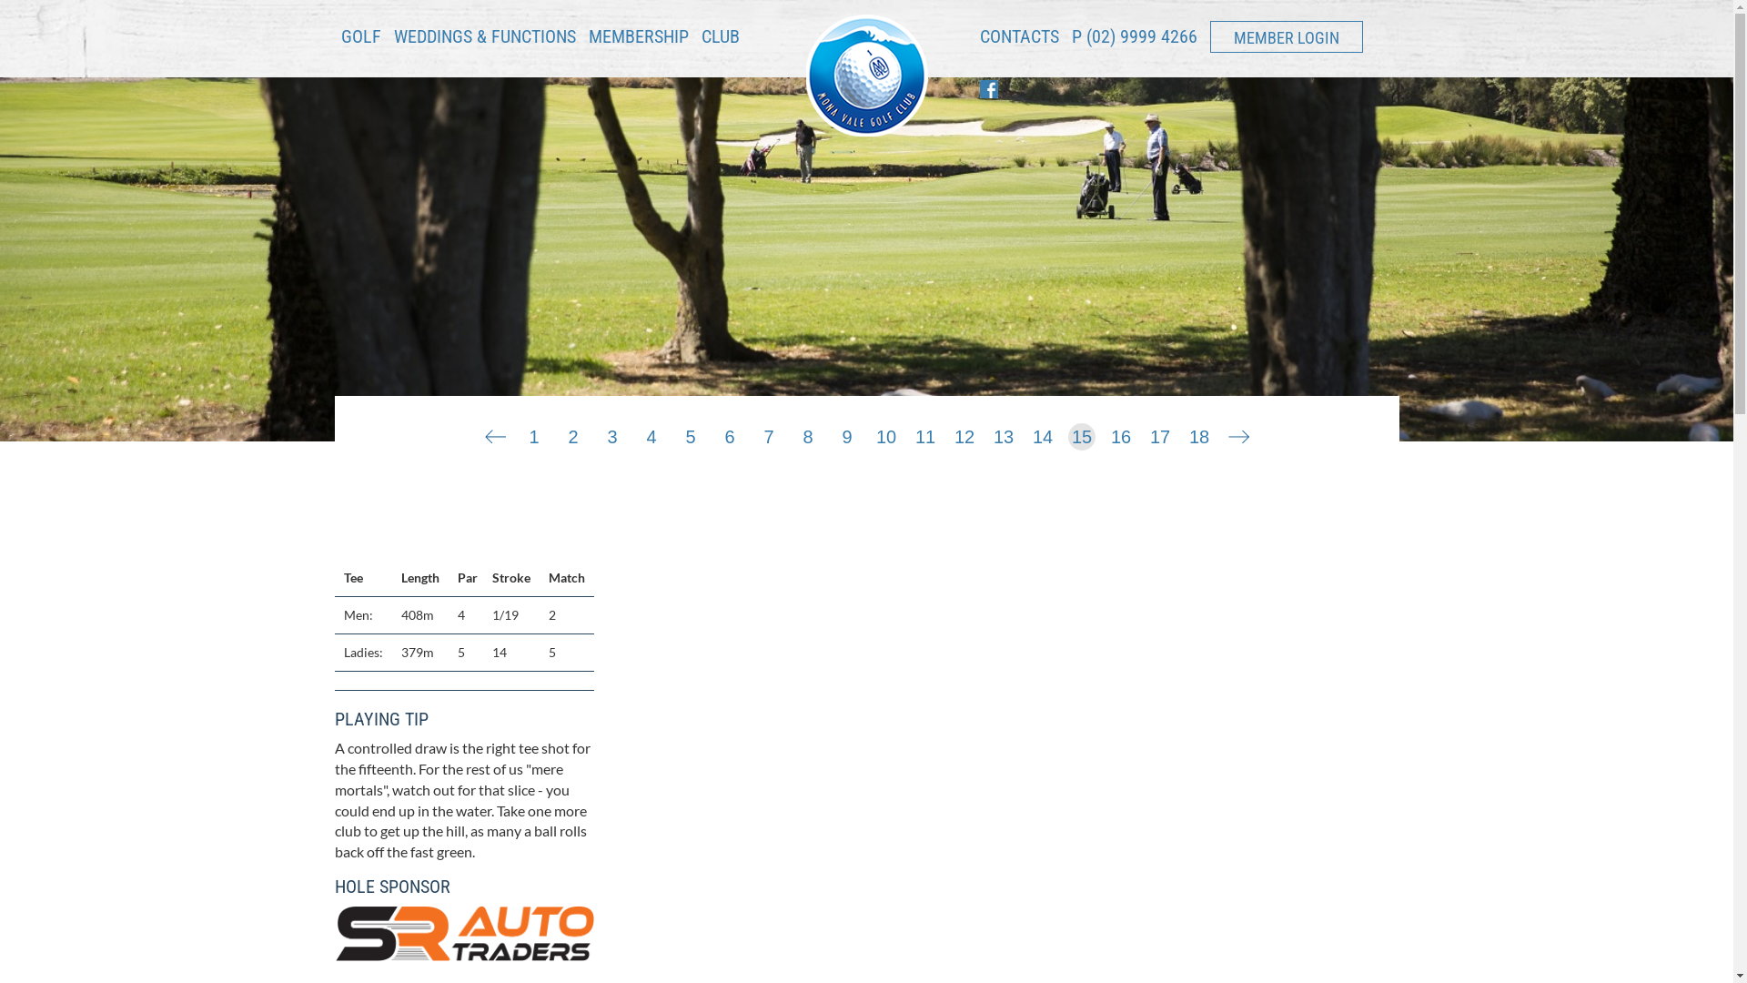 The height and width of the screenshot is (983, 1747). I want to click on '7', so click(768, 432).